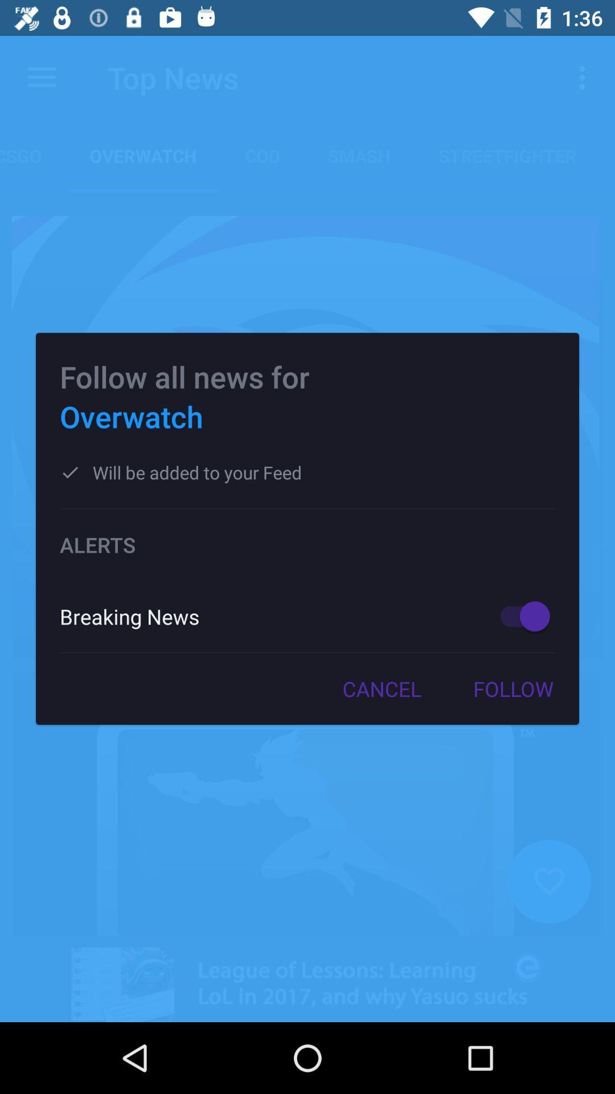  I want to click on item to the right of breaking news icon, so click(519, 615).